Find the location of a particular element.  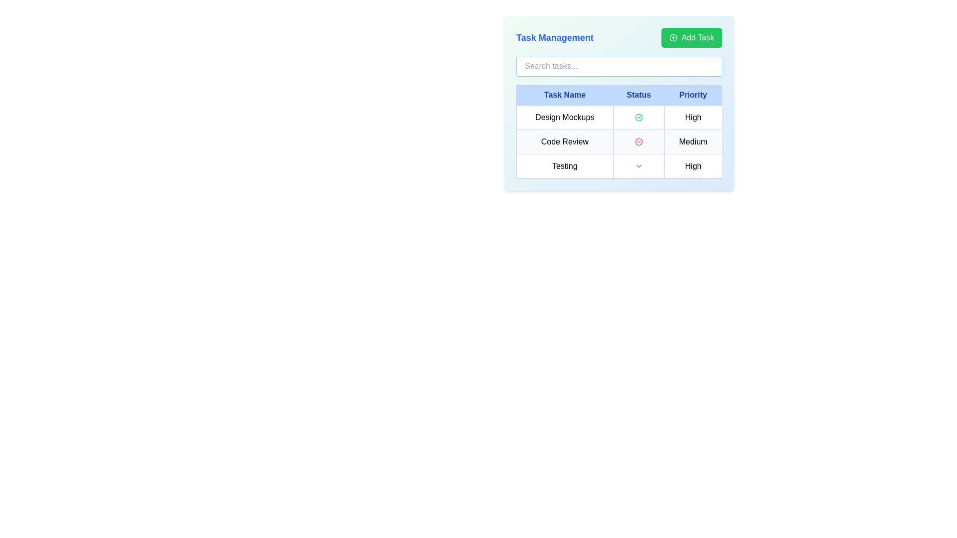

the non-interactive circular SVG element located in the top-right corner of the interface, which is part of the 'Add Task' button is located at coordinates (673, 37).